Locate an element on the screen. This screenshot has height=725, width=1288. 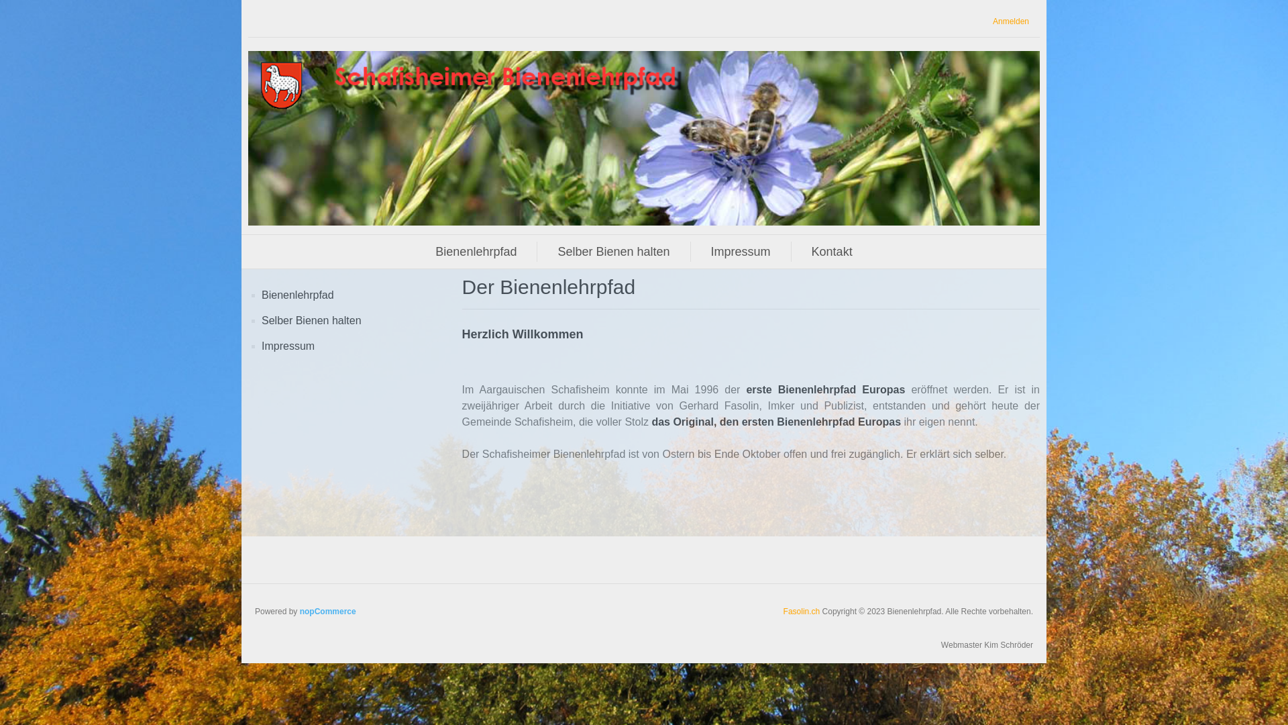
'Bienenlehrpfad' is located at coordinates (297, 294).